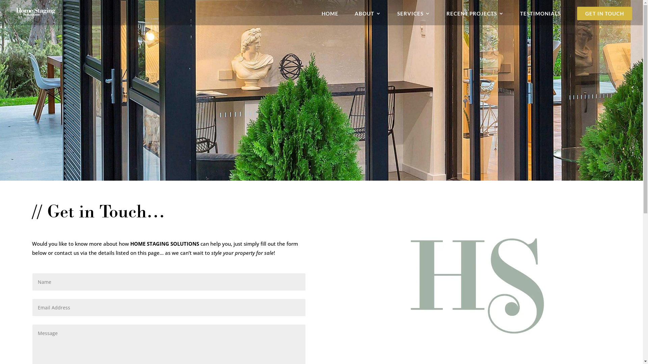  Describe the element at coordinates (413, 15) in the screenshot. I see `'SERVICES'` at that location.